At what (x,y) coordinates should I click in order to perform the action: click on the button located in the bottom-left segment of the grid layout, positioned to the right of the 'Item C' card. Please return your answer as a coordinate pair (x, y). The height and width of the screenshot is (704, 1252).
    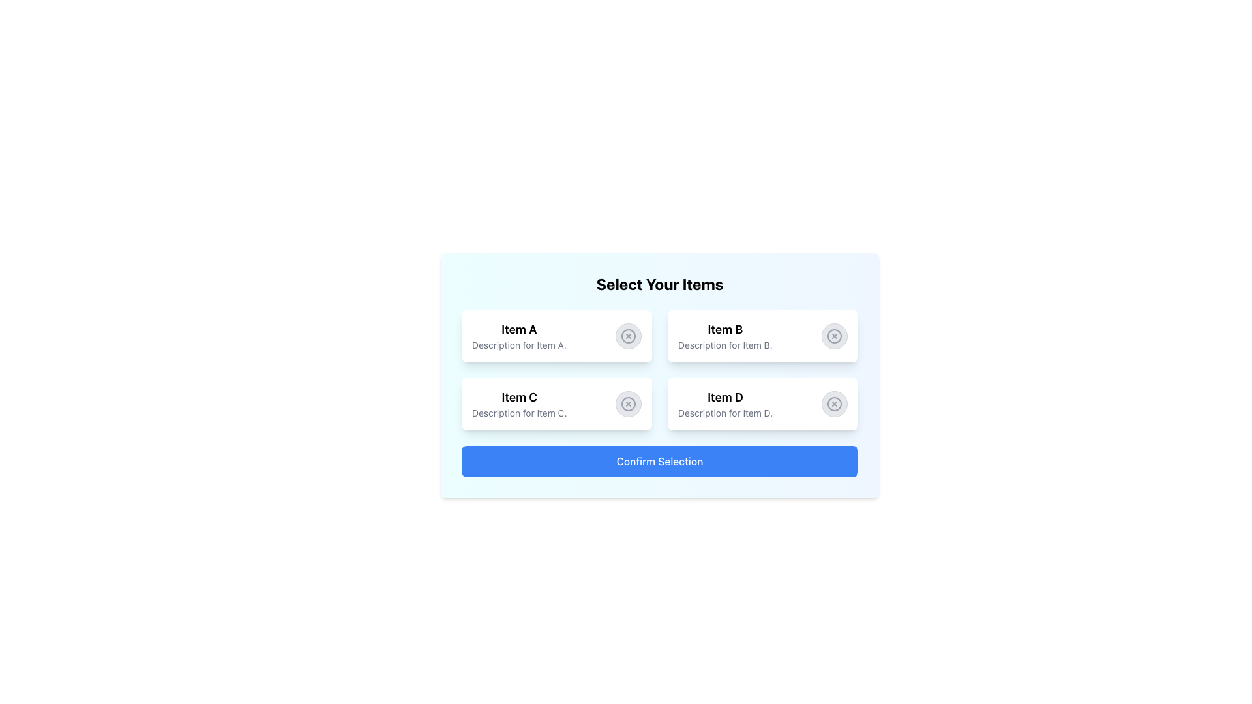
    Looking at the image, I should click on (629, 403).